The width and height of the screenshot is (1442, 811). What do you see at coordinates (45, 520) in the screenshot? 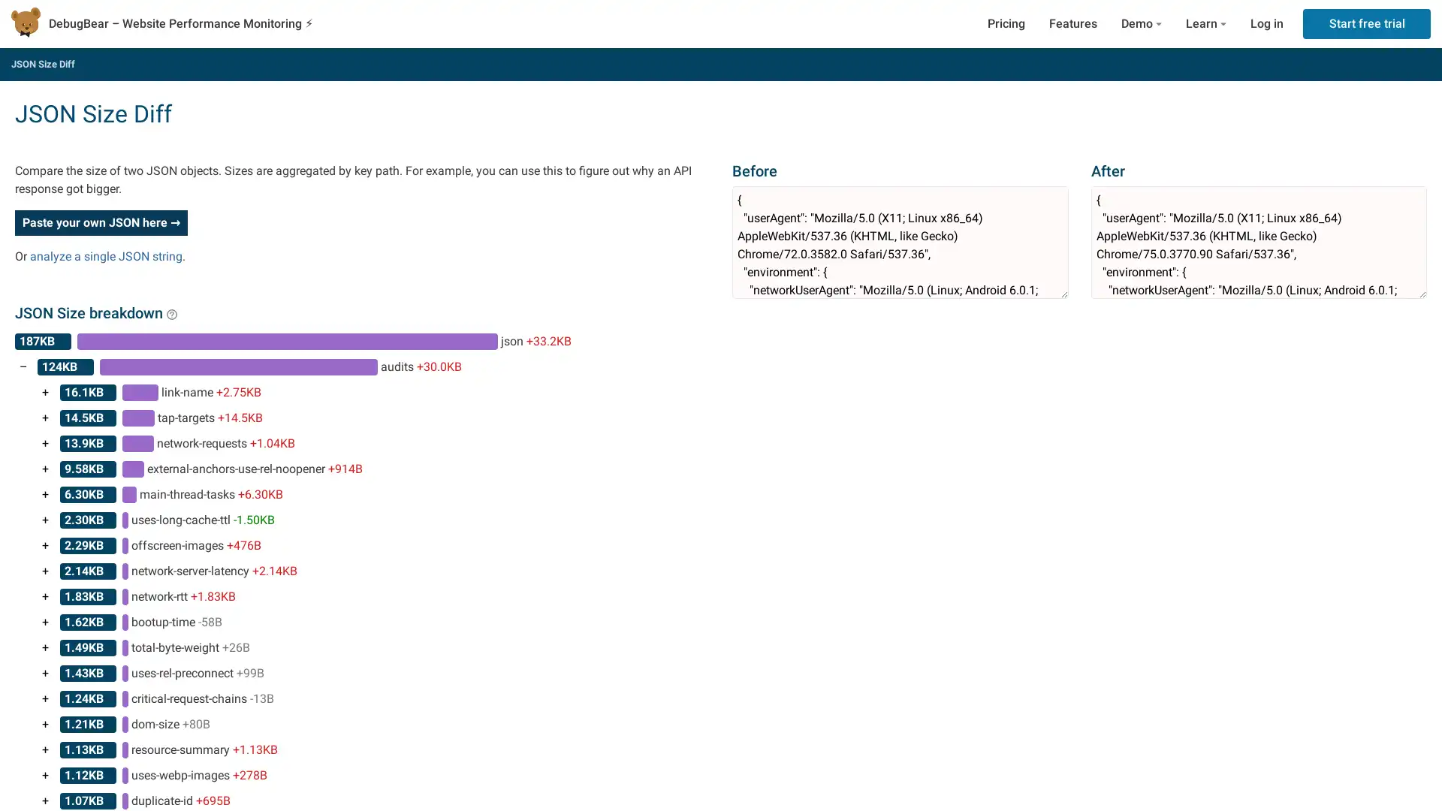
I see `+` at bounding box center [45, 520].